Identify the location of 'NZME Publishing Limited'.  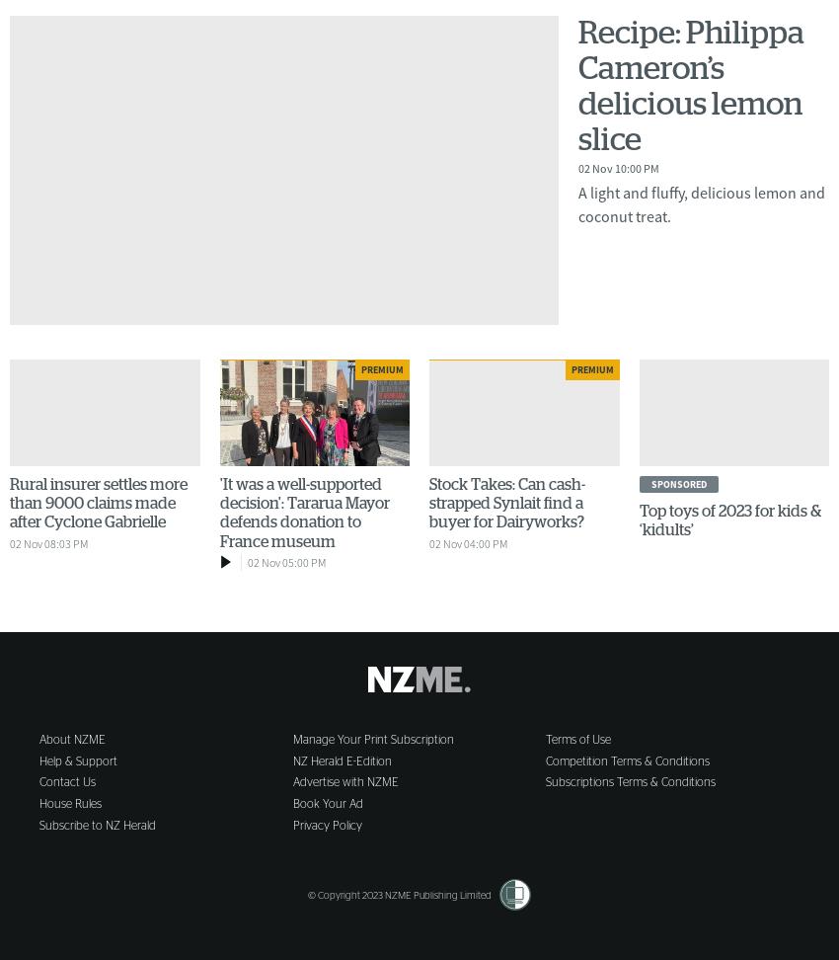
(436, 895).